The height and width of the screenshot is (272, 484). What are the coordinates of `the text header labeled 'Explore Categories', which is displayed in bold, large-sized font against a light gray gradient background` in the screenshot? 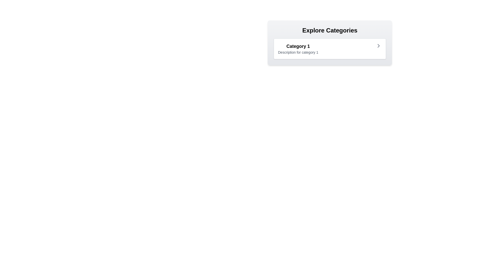 It's located at (330, 30).